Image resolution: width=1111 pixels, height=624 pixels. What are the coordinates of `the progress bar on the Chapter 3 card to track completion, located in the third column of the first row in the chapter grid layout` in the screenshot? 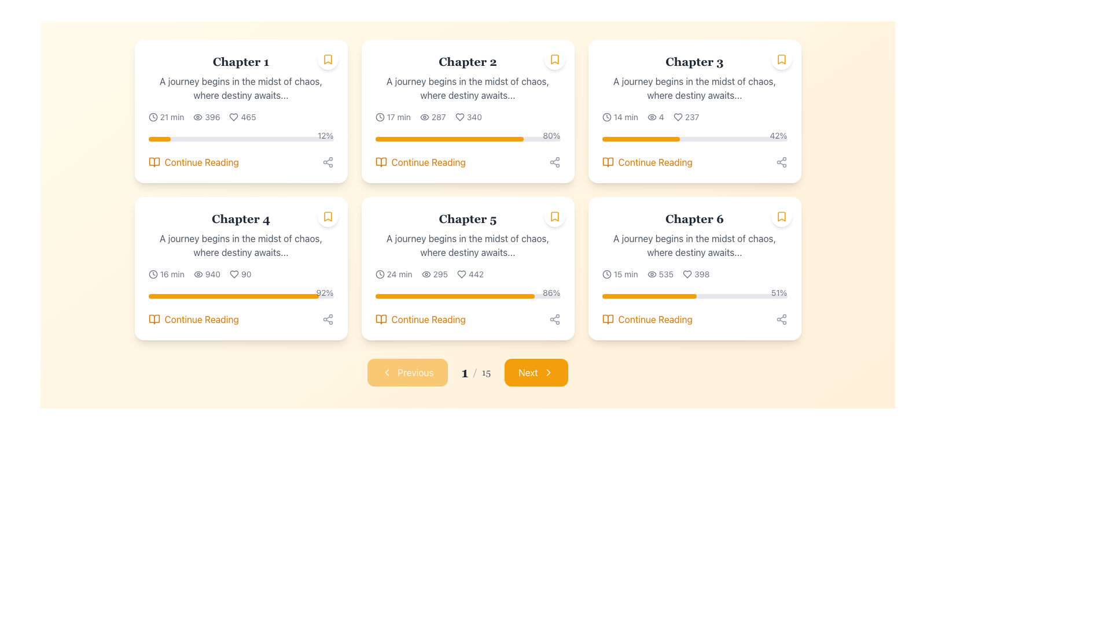 It's located at (694, 111).